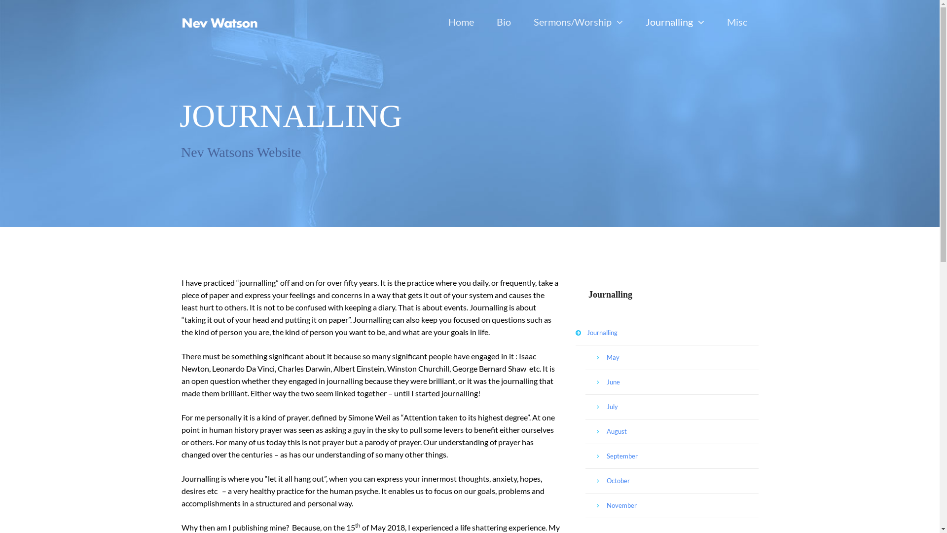 The image size is (947, 533). Describe the element at coordinates (671, 407) in the screenshot. I see `'July'` at that location.